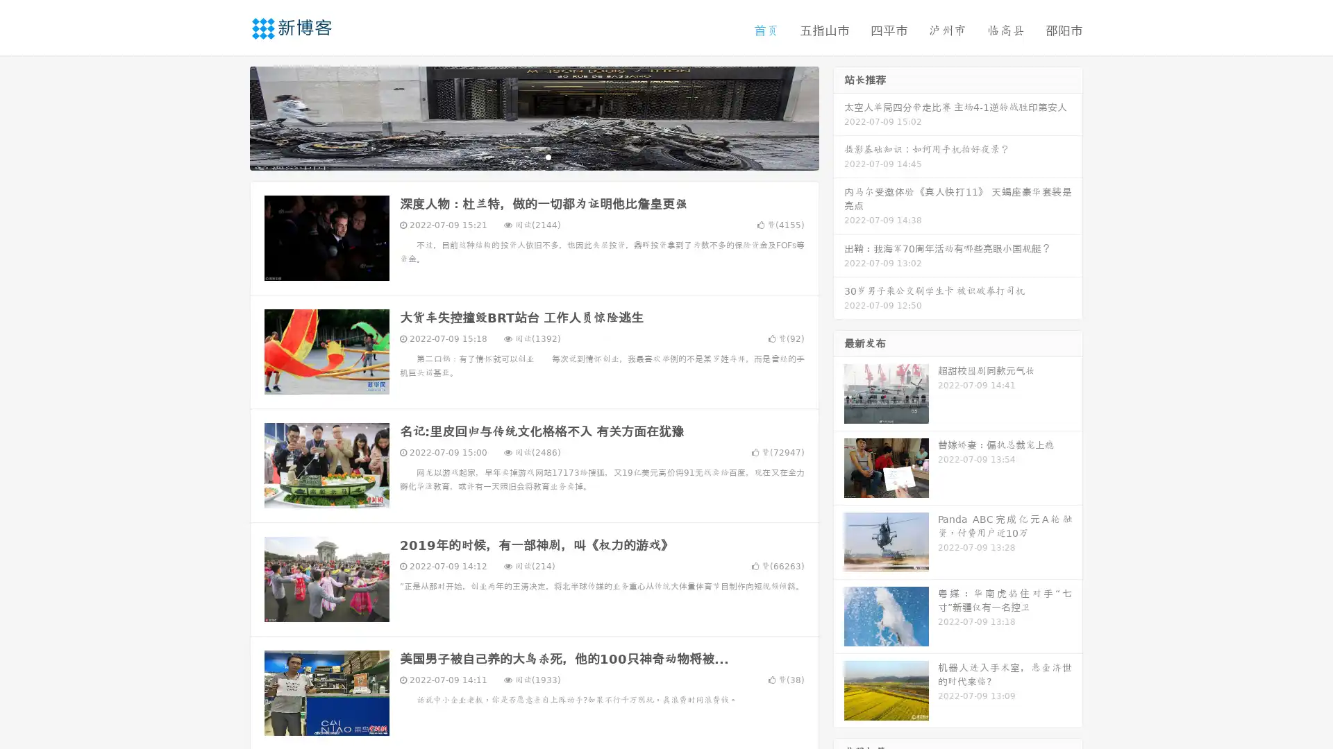  Describe the element at coordinates (519, 156) in the screenshot. I see `Go to slide 1` at that location.